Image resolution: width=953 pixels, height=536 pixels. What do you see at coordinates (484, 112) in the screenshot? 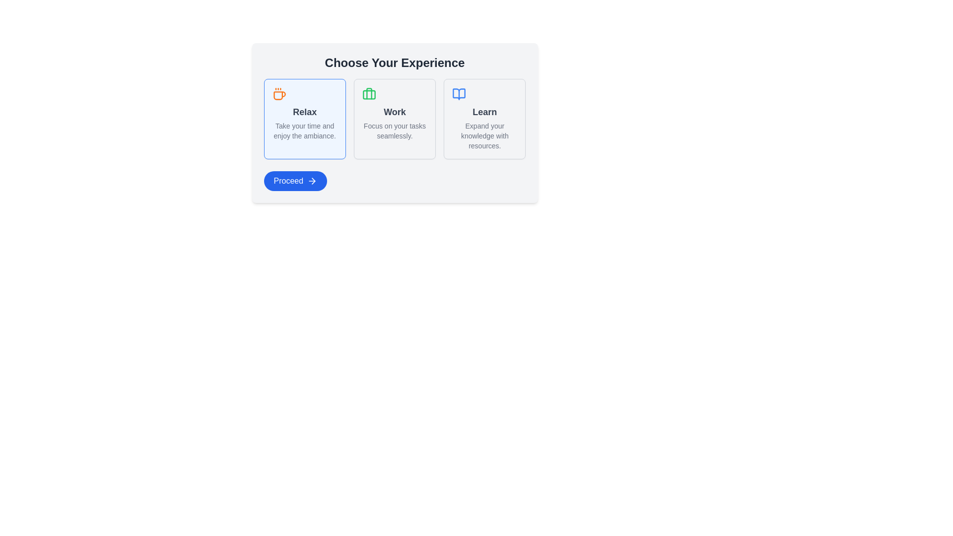
I see `the text label displaying 'Learn' in bold, large gray font located at the top-right of the 'Learn' card` at bounding box center [484, 112].